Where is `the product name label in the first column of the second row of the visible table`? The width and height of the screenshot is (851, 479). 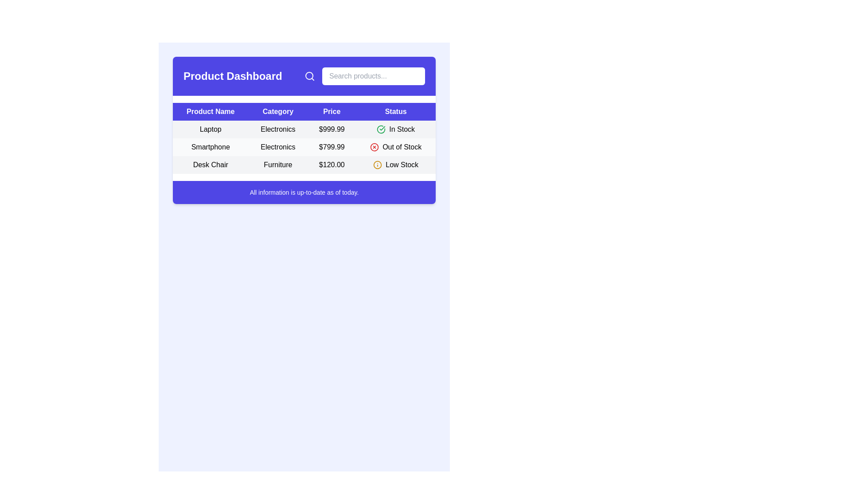 the product name label in the first column of the second row of the visible table is located at coordinates (210, 146).